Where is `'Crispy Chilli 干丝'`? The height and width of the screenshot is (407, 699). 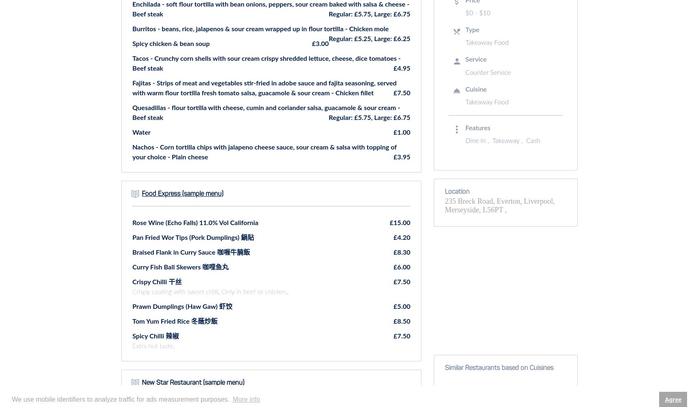
'Crispy Chilli 干丝' is located at coordinates (132, 281).